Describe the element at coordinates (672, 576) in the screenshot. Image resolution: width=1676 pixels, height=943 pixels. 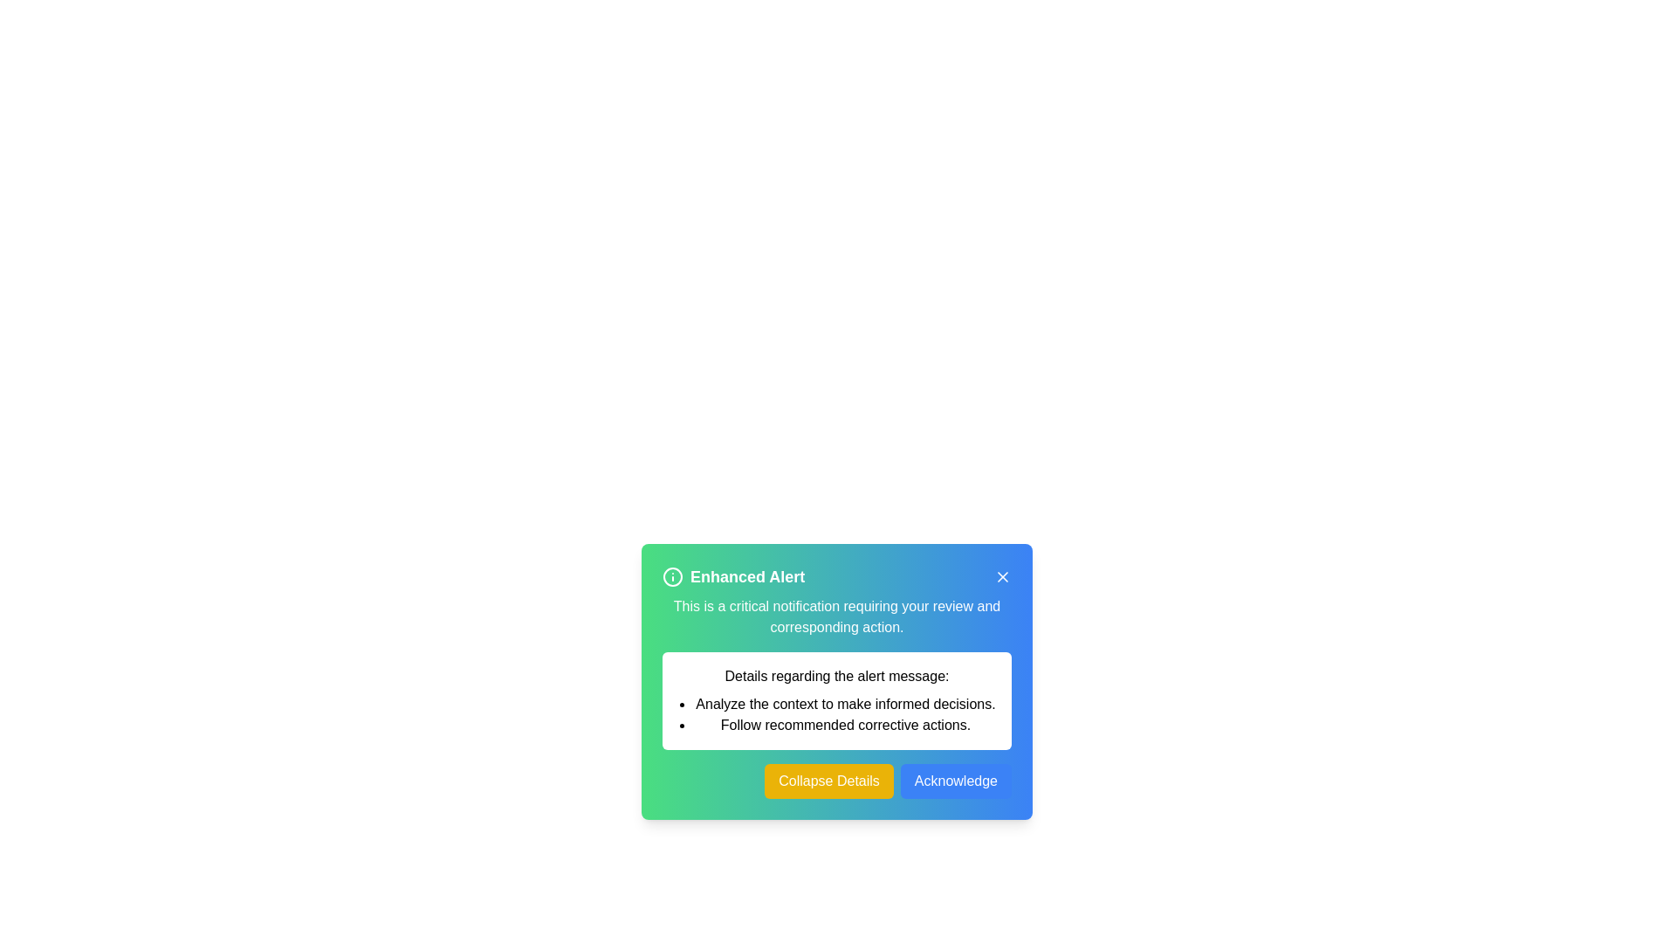
I see `the information icon located to the left of the 'Enhanced Alert' text in the header section of the notification box` at that location.